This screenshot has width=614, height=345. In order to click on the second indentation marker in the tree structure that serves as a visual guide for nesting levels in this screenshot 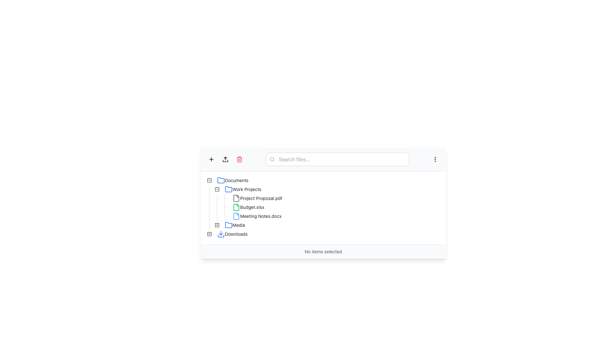, I will do `click(217, 216)`.